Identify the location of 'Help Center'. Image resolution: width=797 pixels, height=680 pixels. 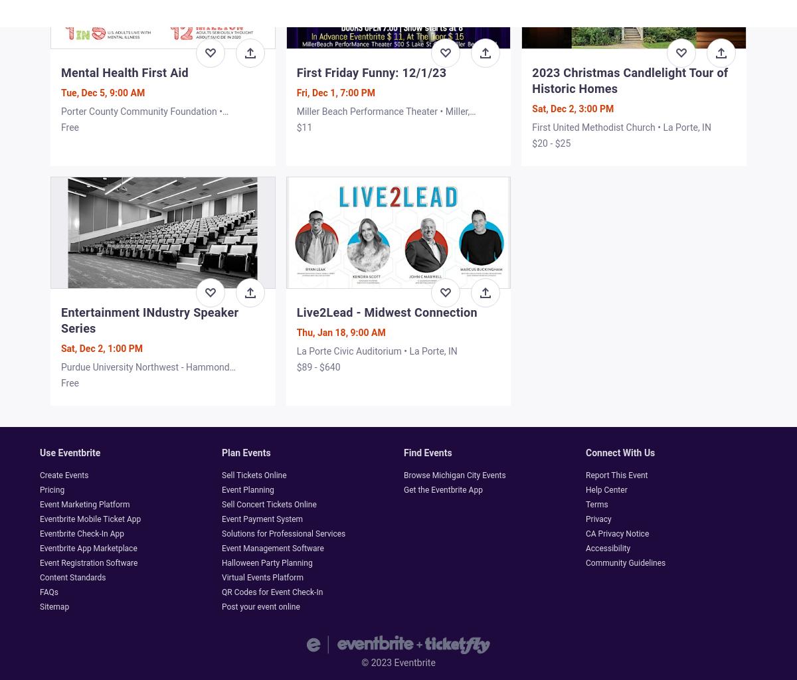
(606, 488).